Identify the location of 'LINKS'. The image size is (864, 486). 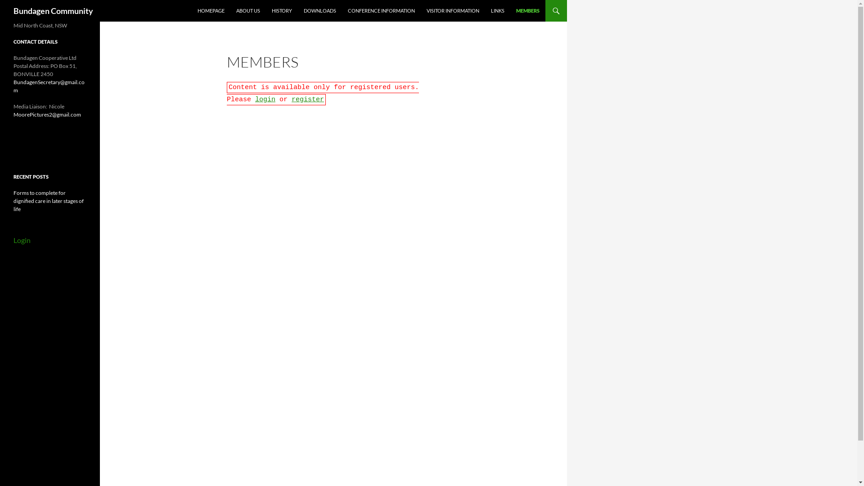
(497, 10).